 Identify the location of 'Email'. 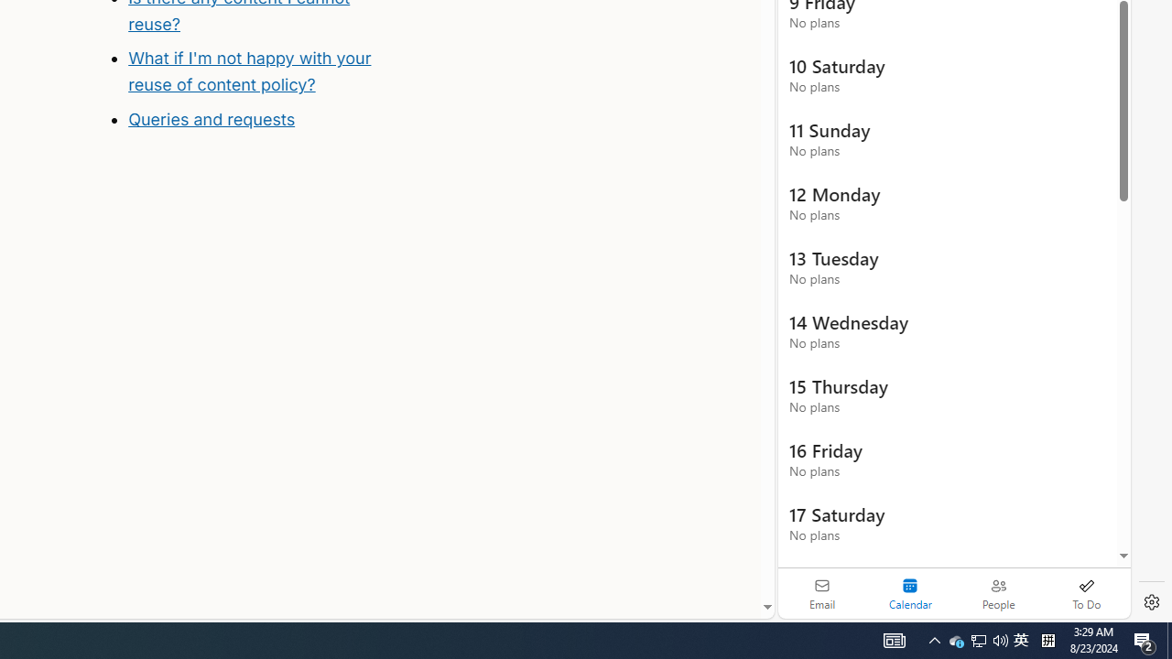
(821, 593).